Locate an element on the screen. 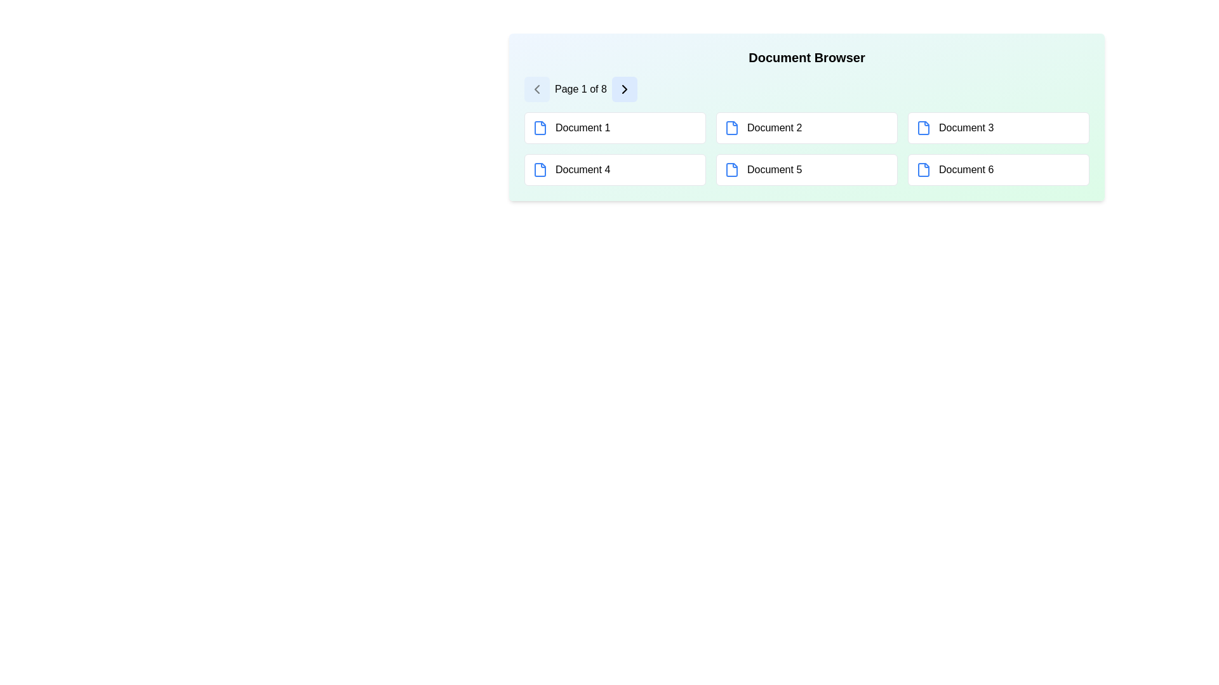 This screenshot has width=1219, height=685. the blue document icon representing Document 3 is located at coordinates (923, 127).